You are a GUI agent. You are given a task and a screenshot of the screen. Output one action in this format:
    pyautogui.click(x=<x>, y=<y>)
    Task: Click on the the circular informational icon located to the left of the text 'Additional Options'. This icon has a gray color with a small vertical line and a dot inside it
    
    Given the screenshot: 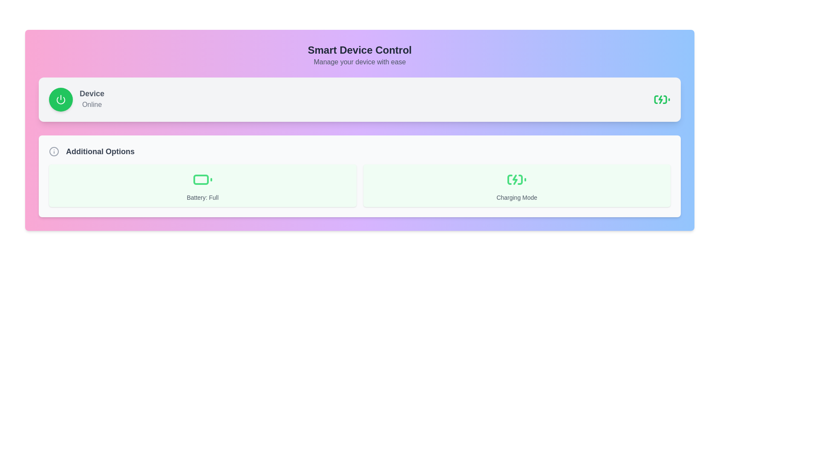 What is the action you would take?
    pyautogui.click(x=53, y=151)
    